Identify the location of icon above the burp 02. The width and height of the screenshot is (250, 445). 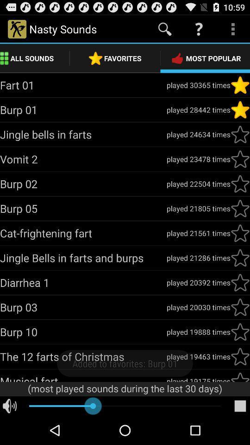
(83, 159).